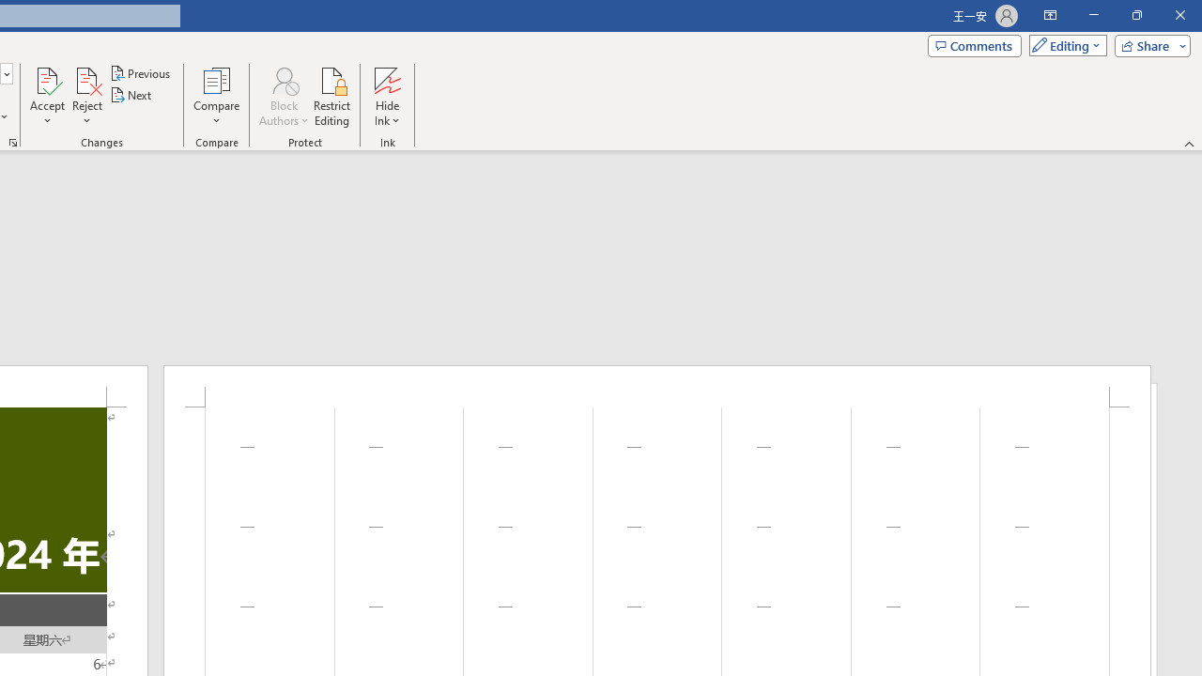 The width and height of the screenshot is (1202, 676). What do you see at coordinates (283, 97) in the screenshot?
I see `'Block Authors'` at bounding box center [283, 97].